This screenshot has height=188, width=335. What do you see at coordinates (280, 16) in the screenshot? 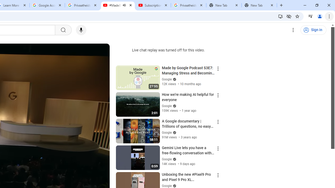
I see `'Install YouTube'` at bounding box center [280, 16].